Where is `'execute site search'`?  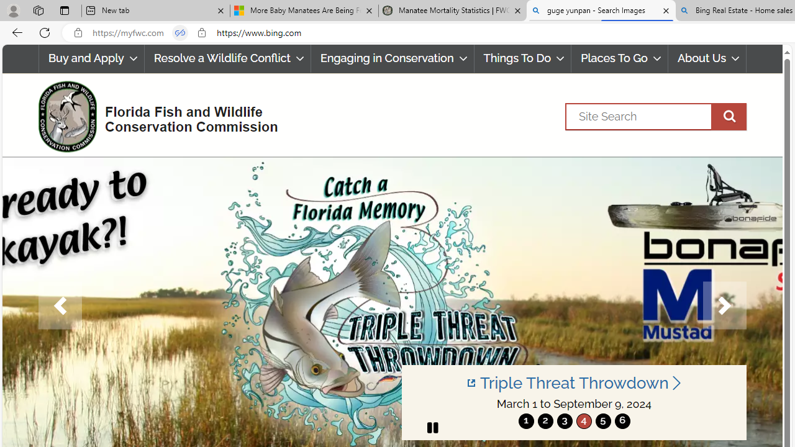 'execute site search' is located at coordinates (729, 116).